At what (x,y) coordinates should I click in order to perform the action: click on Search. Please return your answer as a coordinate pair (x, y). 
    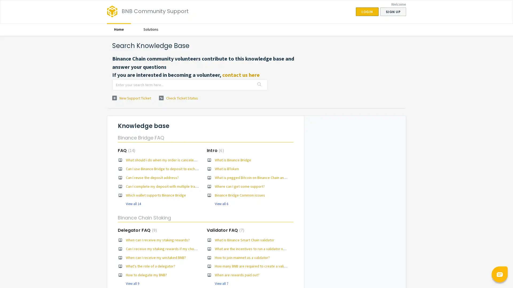
    Looking at the image, I should click on (259, 84).